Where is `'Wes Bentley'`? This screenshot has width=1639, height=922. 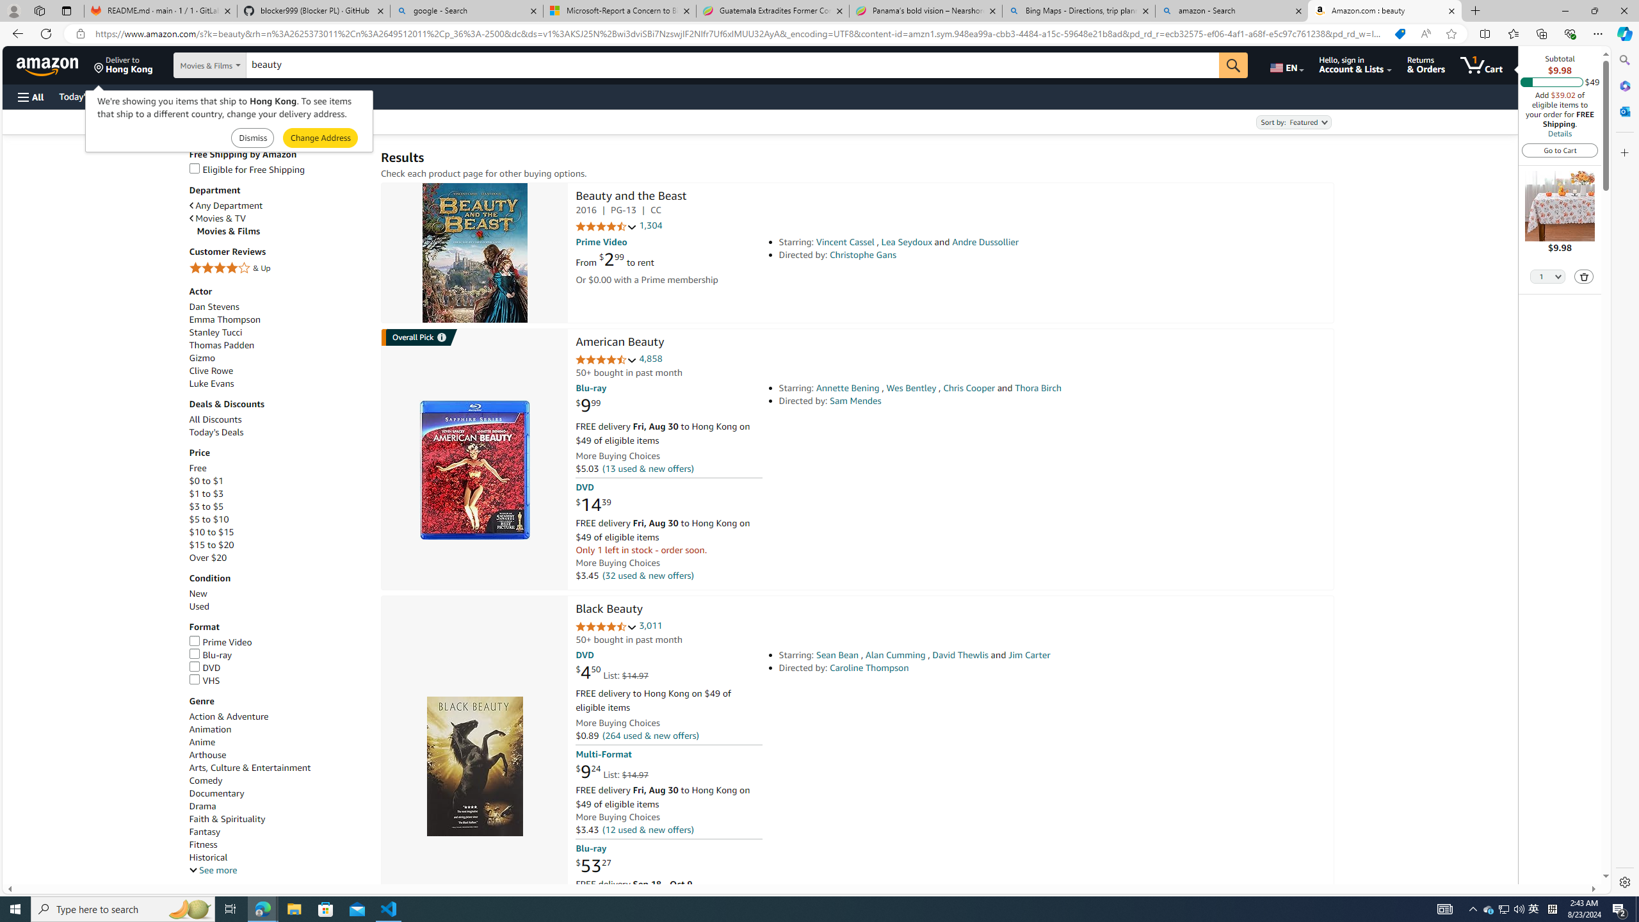
'Wes Bentley' is located at coordinates (910, 387).